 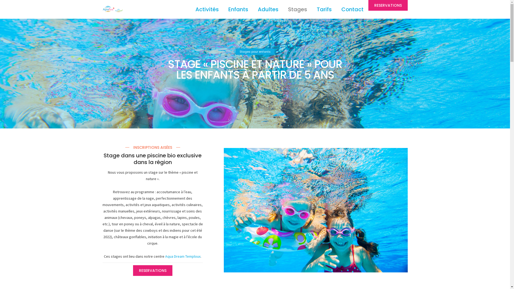 I want to click on 'Stages', so click(x=297, y=9).